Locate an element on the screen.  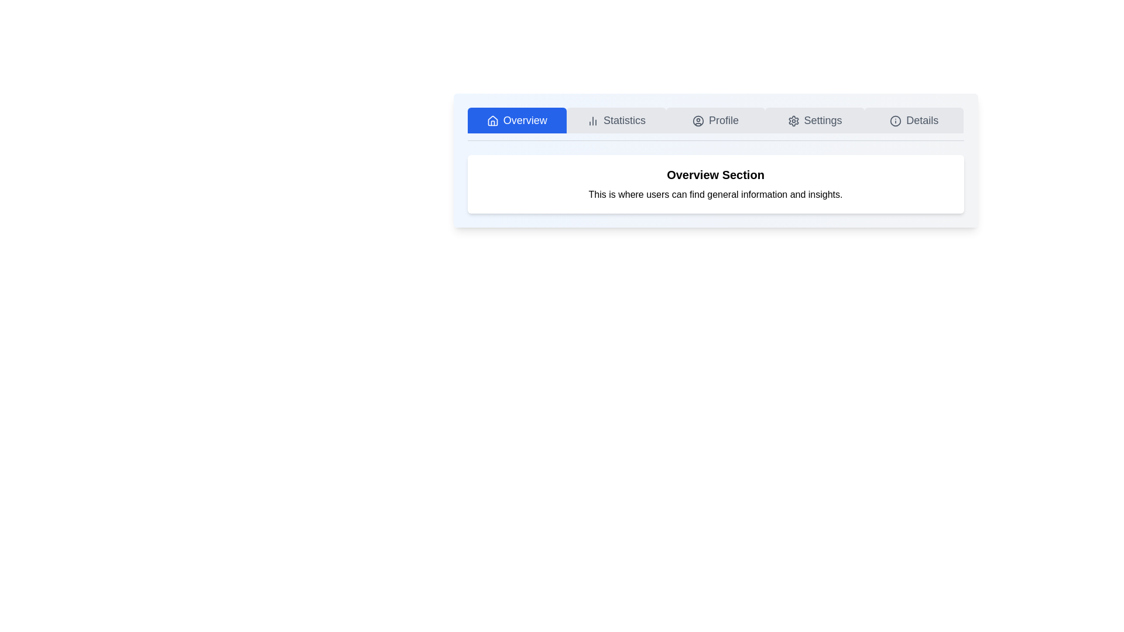
the informational icon located to the left of the text within the 'Details' button on the far right of the navigation tabs is located at coordinates (895, 121).